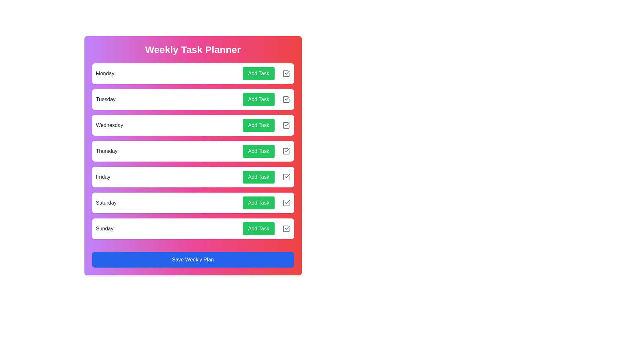  What do you see at coordinates (286, 177) in the screenshot?
I see `the checkbox icon for Friday to mark the task as completed` at bounding box center [286, 177].